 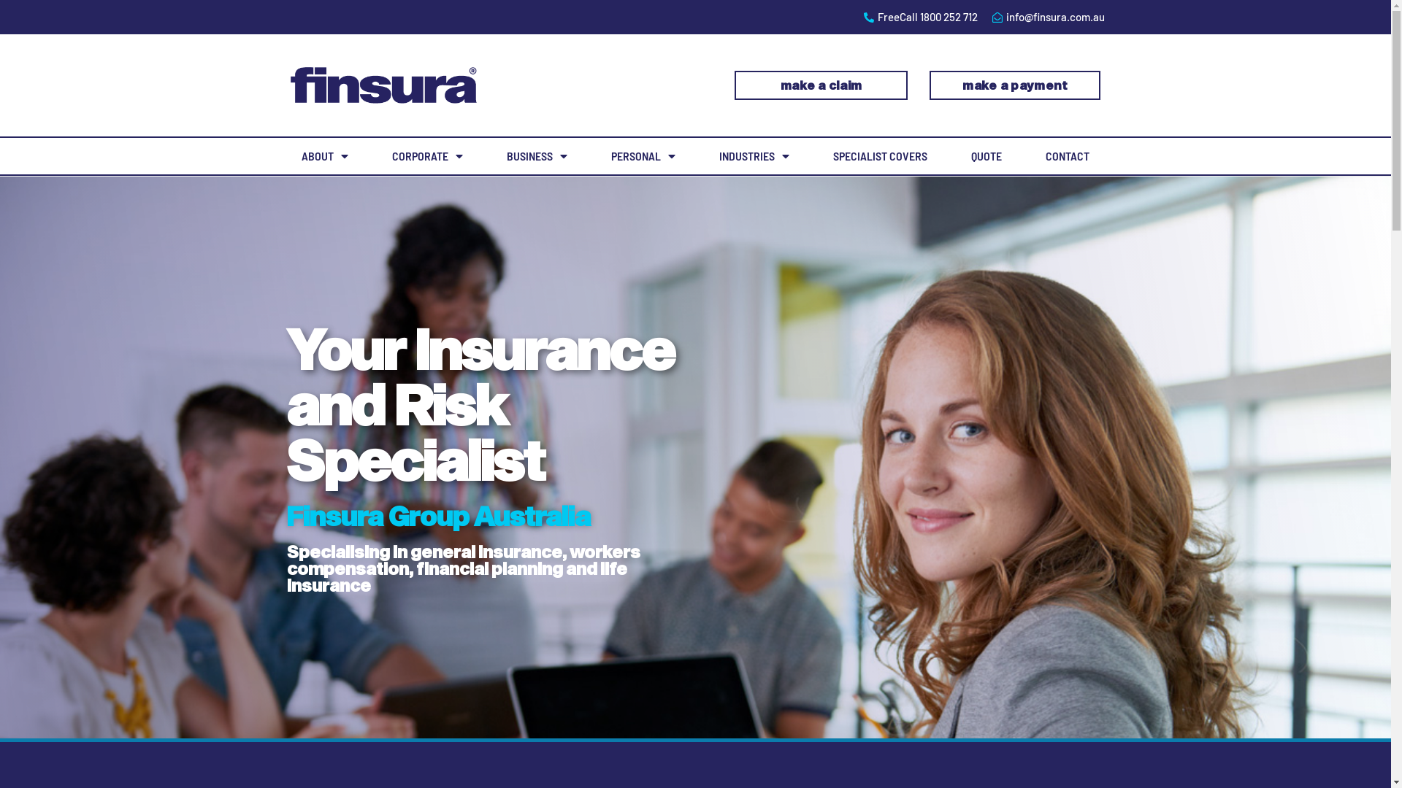 What do you see at coordinates (821, 85) in the screenshot?
I see `'make a claim'` at bounding box center [821, 85].